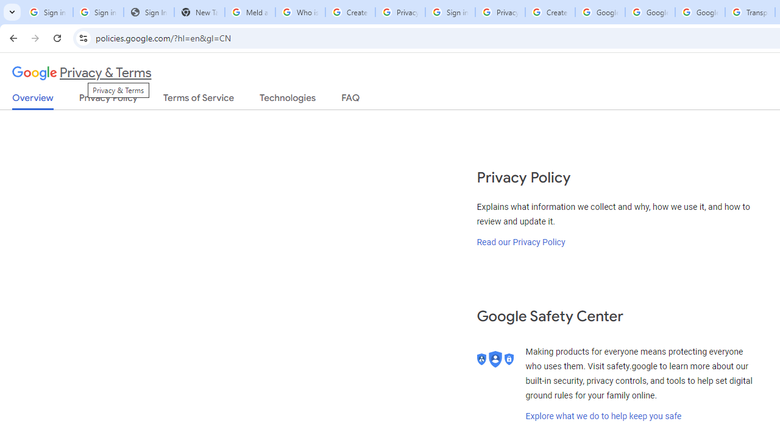 The width and height of the screenshot is (780, 438). Describe the element at coordinates (57, 37) in the screenshot. I see `'Reload'` at that location.